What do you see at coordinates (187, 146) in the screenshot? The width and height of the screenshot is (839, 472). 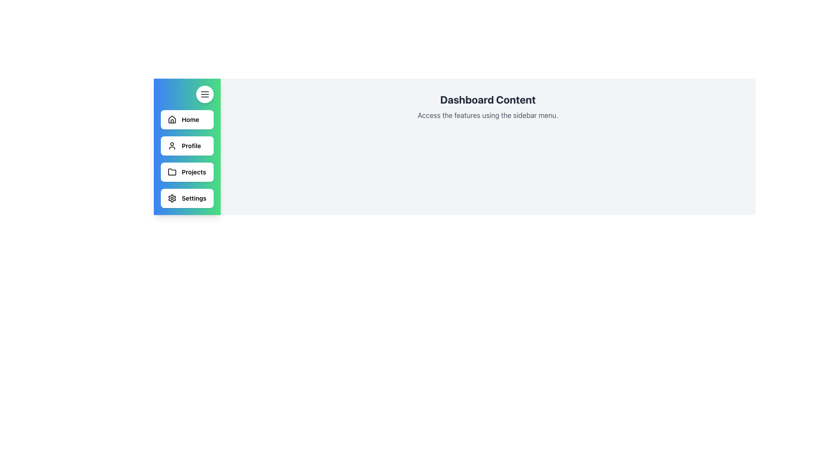 I see `the 'Profile' button, which is the second button in the vertical list on the left side of the interface` at bounding box center [187, 146].